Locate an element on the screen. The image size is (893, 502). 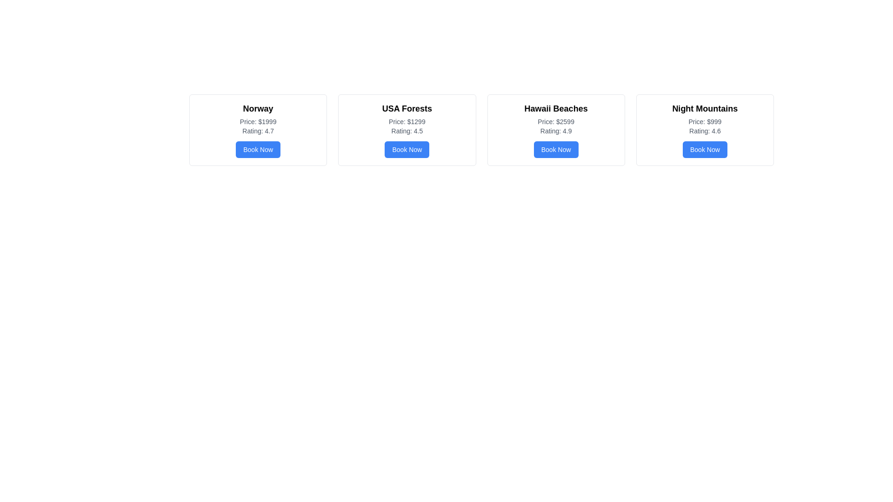
text label displaying the rating for the 'Night Mountains' package, located below the price and above the 'Book Now' button is located at coordinates (705, 131).